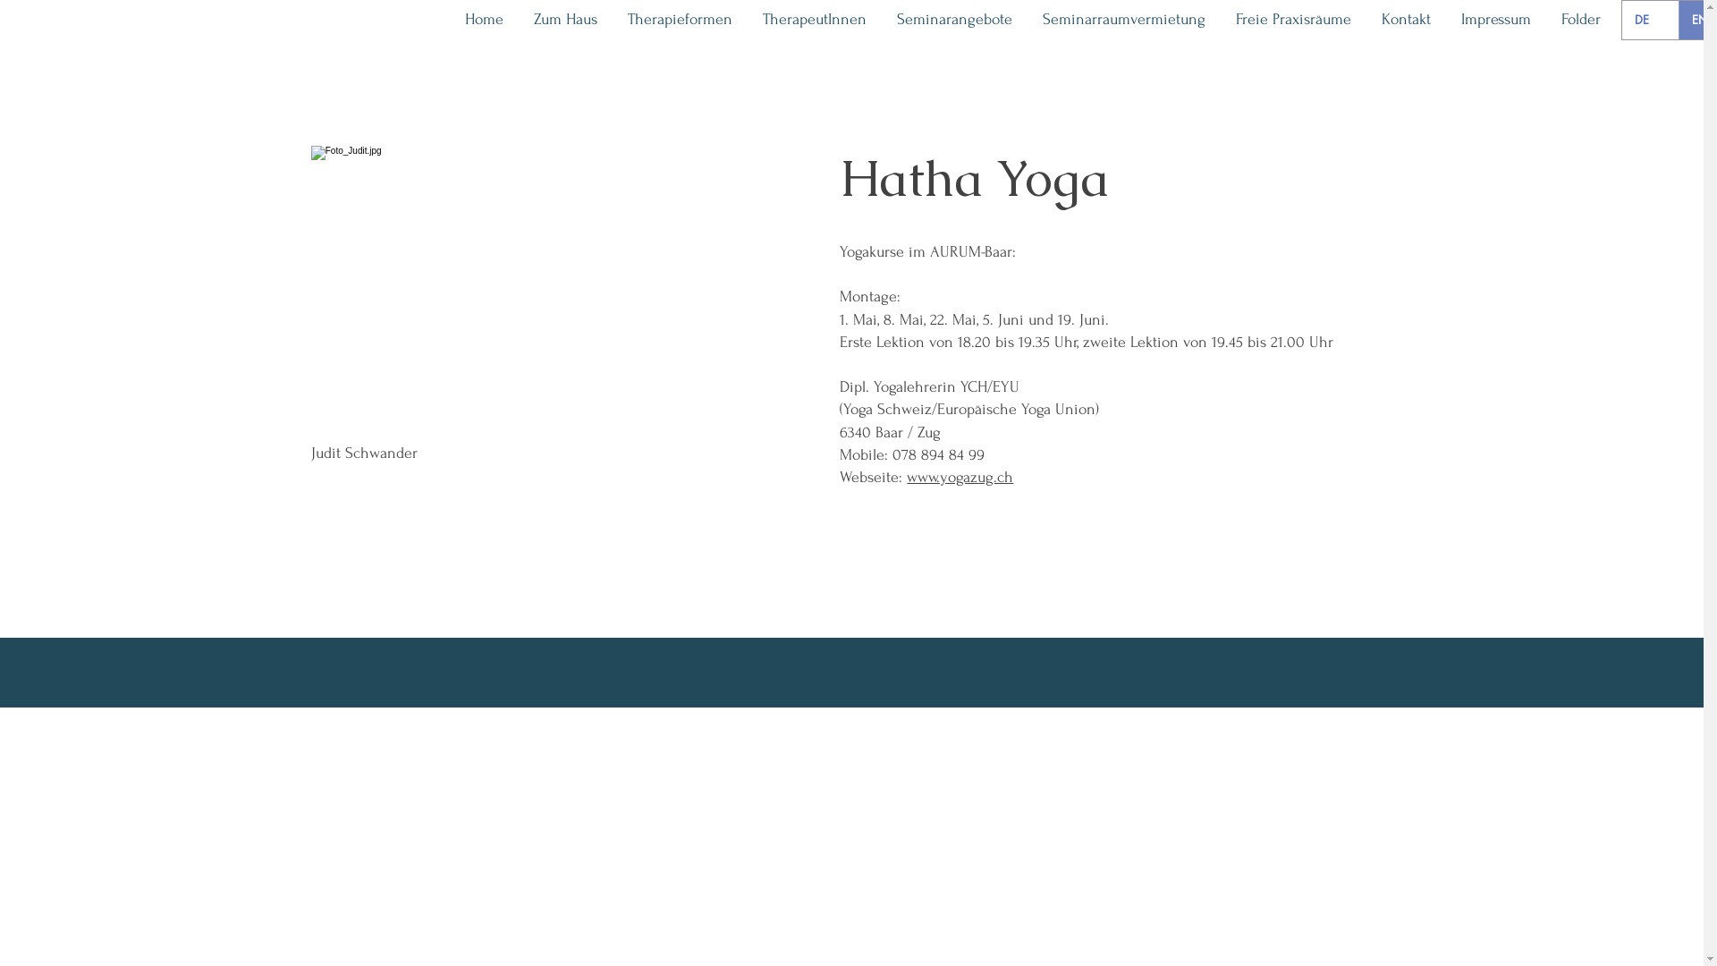  I want to click on 'Therapieformen', so click(679, 20).